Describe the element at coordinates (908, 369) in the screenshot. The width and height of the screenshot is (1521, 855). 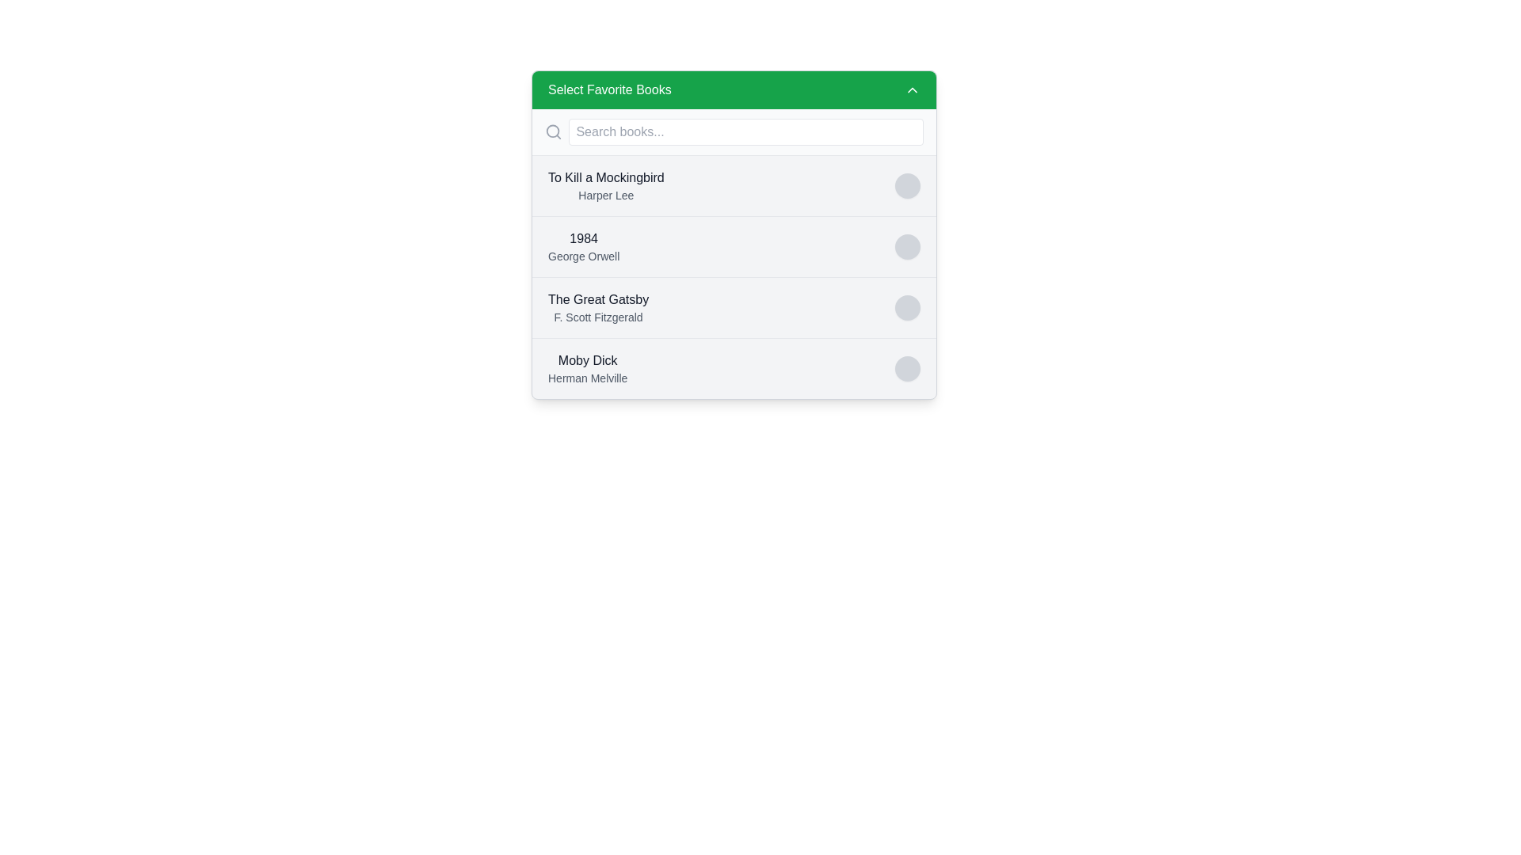
I see `the interactive button for 'Moby Dick' located at the far right of the fourth row` at that location.